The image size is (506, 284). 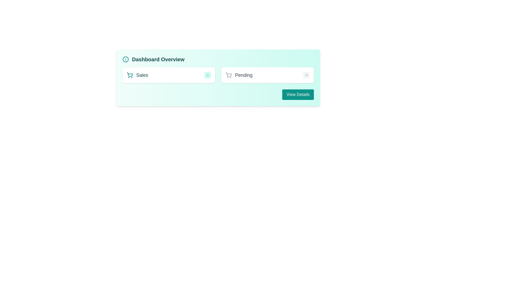 What do you see at coordinates (306, 75) in the screenshot?
I see `the Badge status indicator located in the top-right quadrant of the dashboard card, adjacent to the 'Pending' label and aligned with the 'View Details' button` at bounding box center [306, 75].